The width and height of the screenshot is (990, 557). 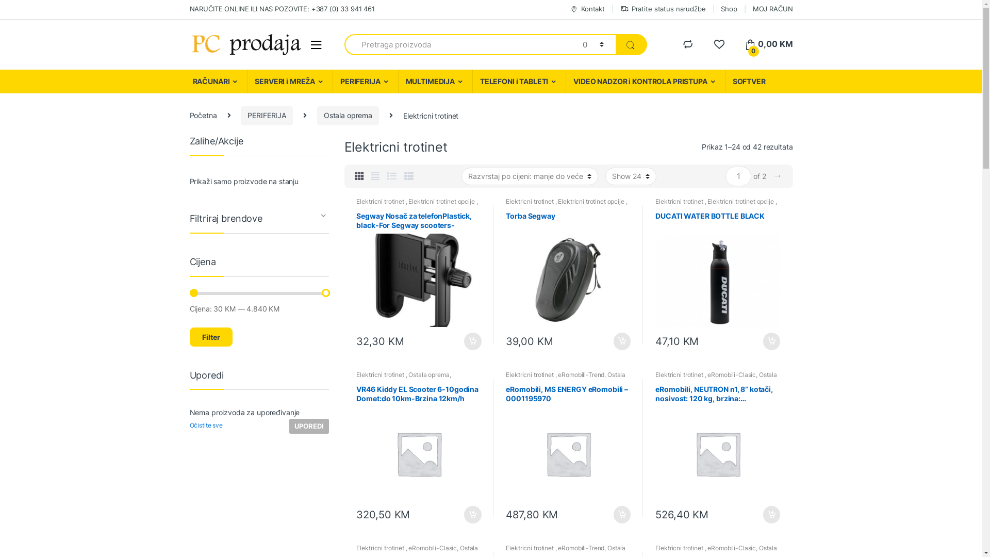 I want to click on 'VIDEO NADZOR i KONTROLA PRISTUPA', so click(x=645, y=81).